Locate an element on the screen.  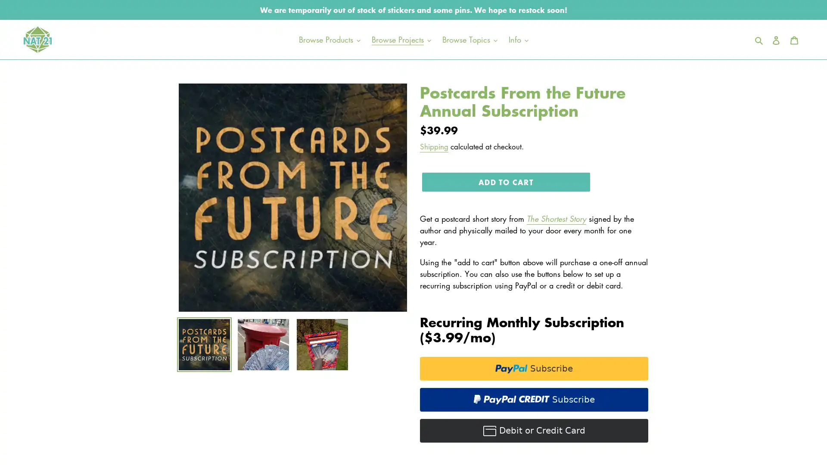
Browse Topics is located at coordinates (469, 39).